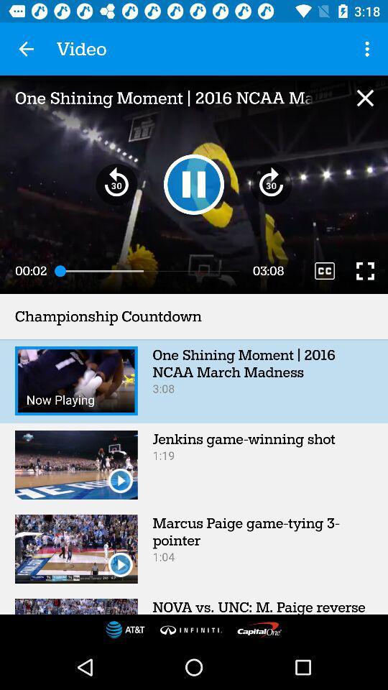 This screenshot has height=690, width=388. Describe the element at coordinates (116, 183) in the screenshot. I see `rewind video 30 seconds back` at that location.